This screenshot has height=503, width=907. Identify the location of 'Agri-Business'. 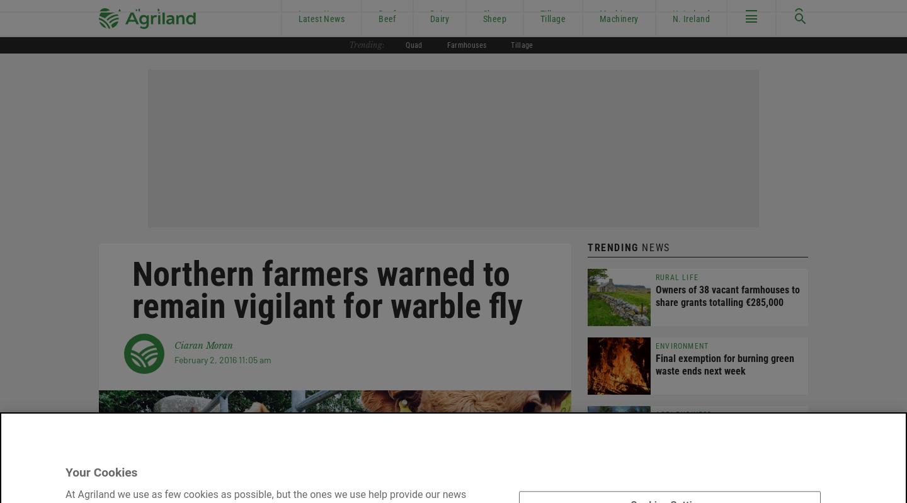
(683, 413).